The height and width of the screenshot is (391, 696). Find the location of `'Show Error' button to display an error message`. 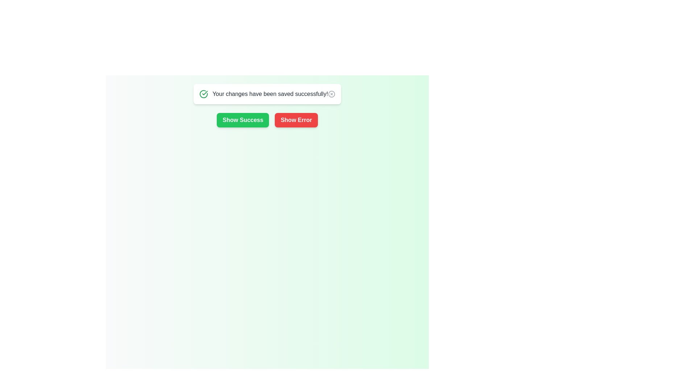

'Show Error' button to display an error message is located at coordinates (296, 119).